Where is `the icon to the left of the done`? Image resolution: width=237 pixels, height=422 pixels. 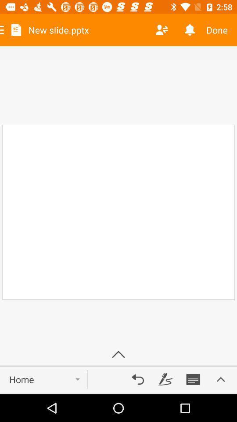 the icon to the left of the done is located at coordinates (189, 30).